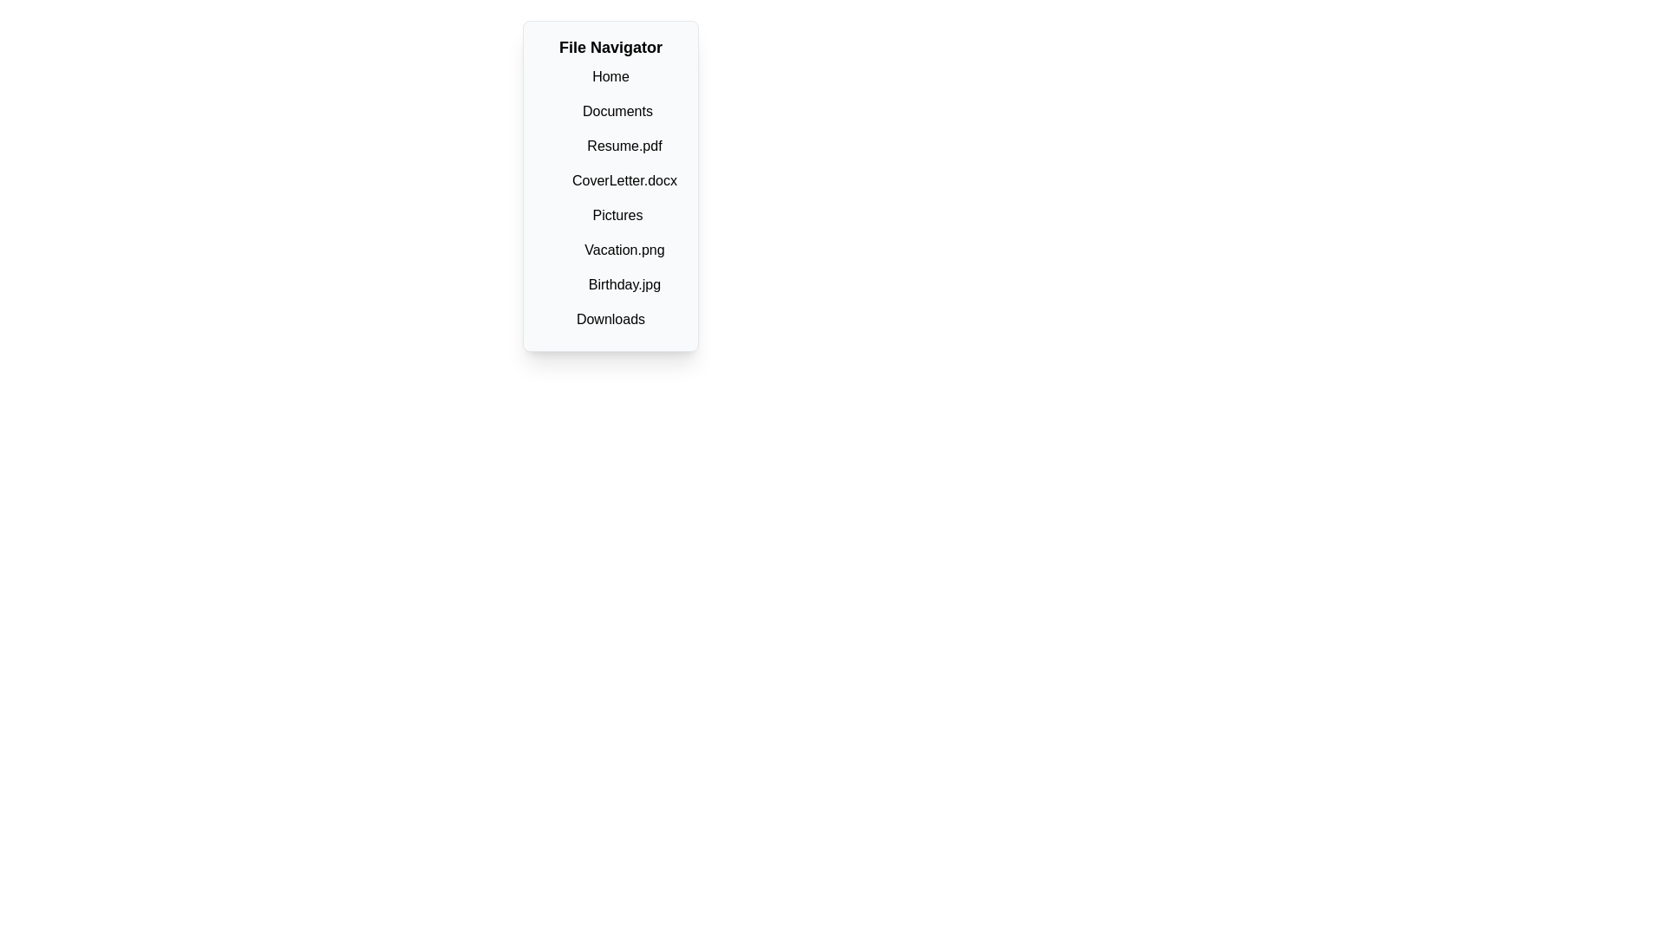 This screenshot has width=1665, height=936. What do you see at coordinates (624, 250) in the screenshot?
I see `the selectable item representing 'Vacation.png'` at bounding box center [624, 250].